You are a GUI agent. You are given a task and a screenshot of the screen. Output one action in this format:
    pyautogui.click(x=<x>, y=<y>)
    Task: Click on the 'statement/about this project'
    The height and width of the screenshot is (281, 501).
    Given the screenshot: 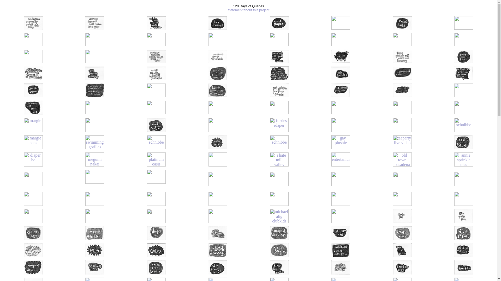 What is the action you would take?
    pyautogui.click(x=248, y=10)
    